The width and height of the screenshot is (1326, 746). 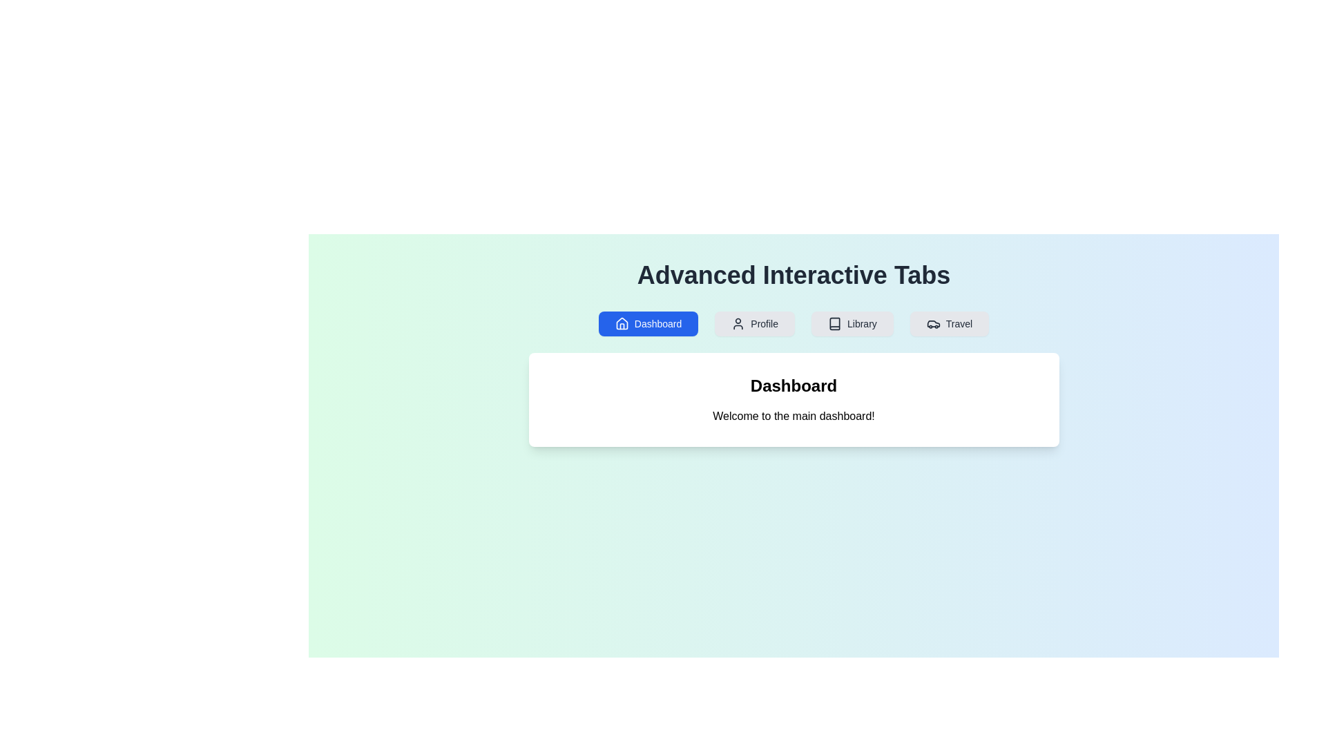 I want to click on the text label on the navigational button that indicates it navigates to the Dashboard section of the application, so click(x=657, y=324).